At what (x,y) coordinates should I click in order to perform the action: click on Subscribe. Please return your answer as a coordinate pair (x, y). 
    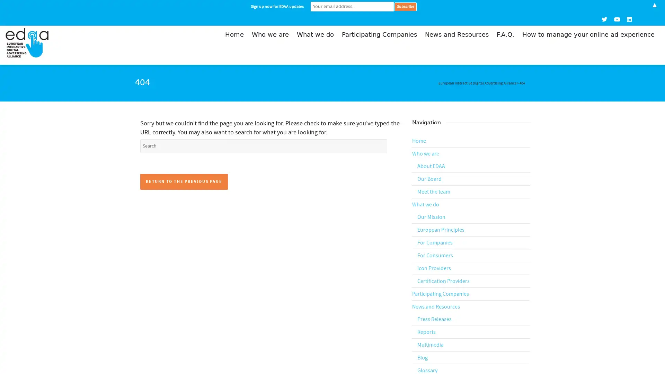
    Looking at the image, I should click on (405, 6).